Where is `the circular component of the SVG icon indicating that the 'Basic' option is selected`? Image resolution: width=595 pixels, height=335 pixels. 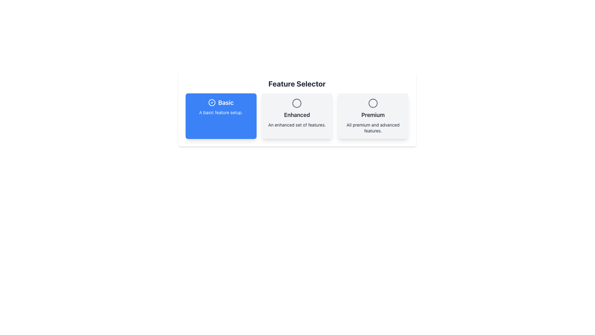 the circular component of the SVG icon indicating that the 'Basic' option is selected is located at coordinates (212, 102).